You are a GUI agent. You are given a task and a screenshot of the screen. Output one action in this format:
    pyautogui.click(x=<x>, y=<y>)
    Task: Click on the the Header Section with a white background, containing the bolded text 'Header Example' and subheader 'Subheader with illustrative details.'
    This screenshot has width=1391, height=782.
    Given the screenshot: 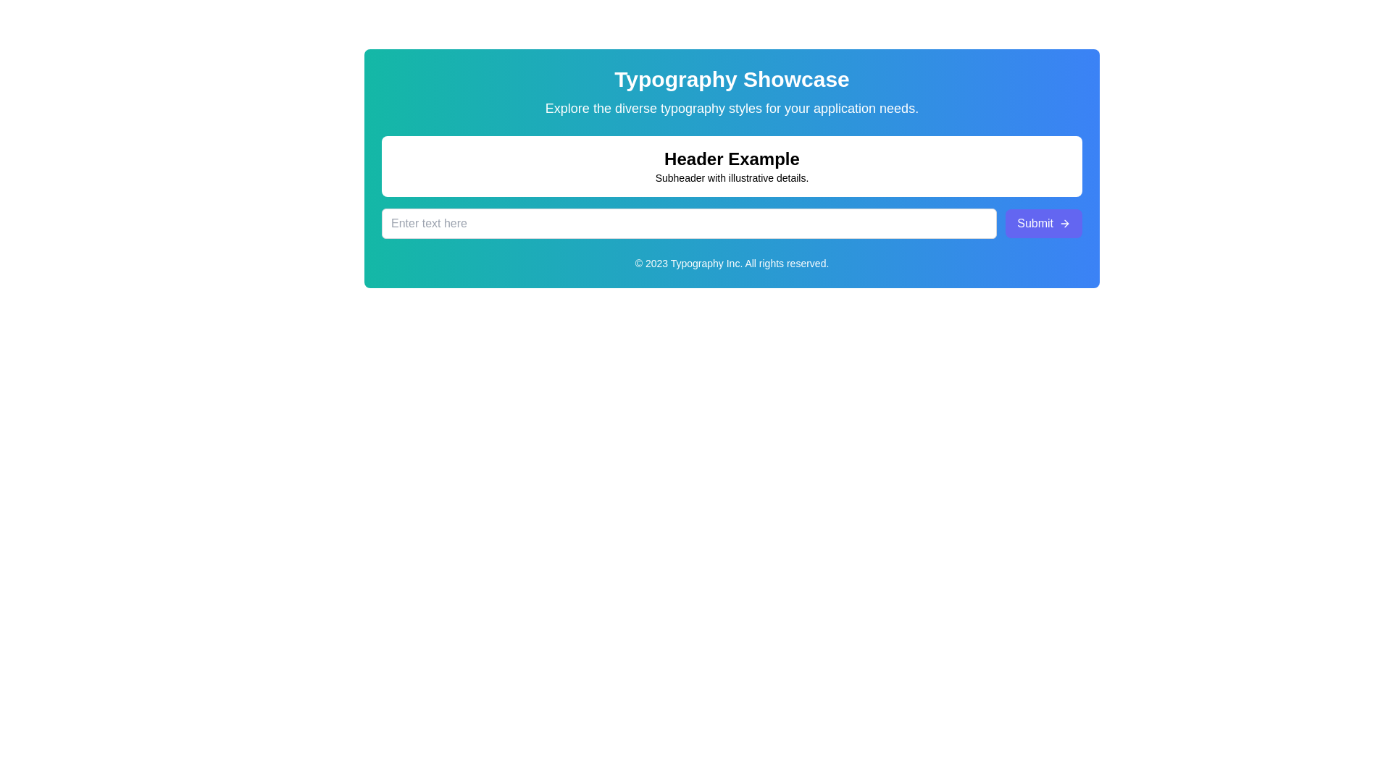 What is the action you would take?
    pyautogui.click(x=732, y=166)
    